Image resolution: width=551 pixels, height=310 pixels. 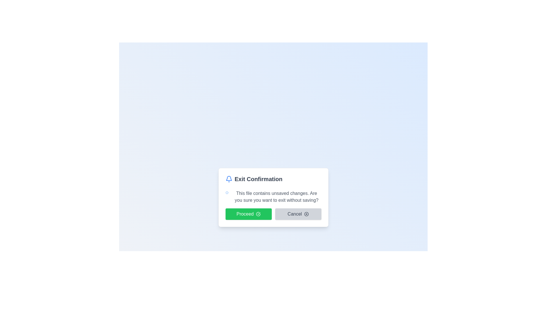 I want to click on the circular checkmark icon inside the green button located adjacent, so click(x=258, y=214).